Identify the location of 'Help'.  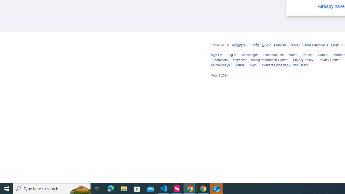
(253, 65).